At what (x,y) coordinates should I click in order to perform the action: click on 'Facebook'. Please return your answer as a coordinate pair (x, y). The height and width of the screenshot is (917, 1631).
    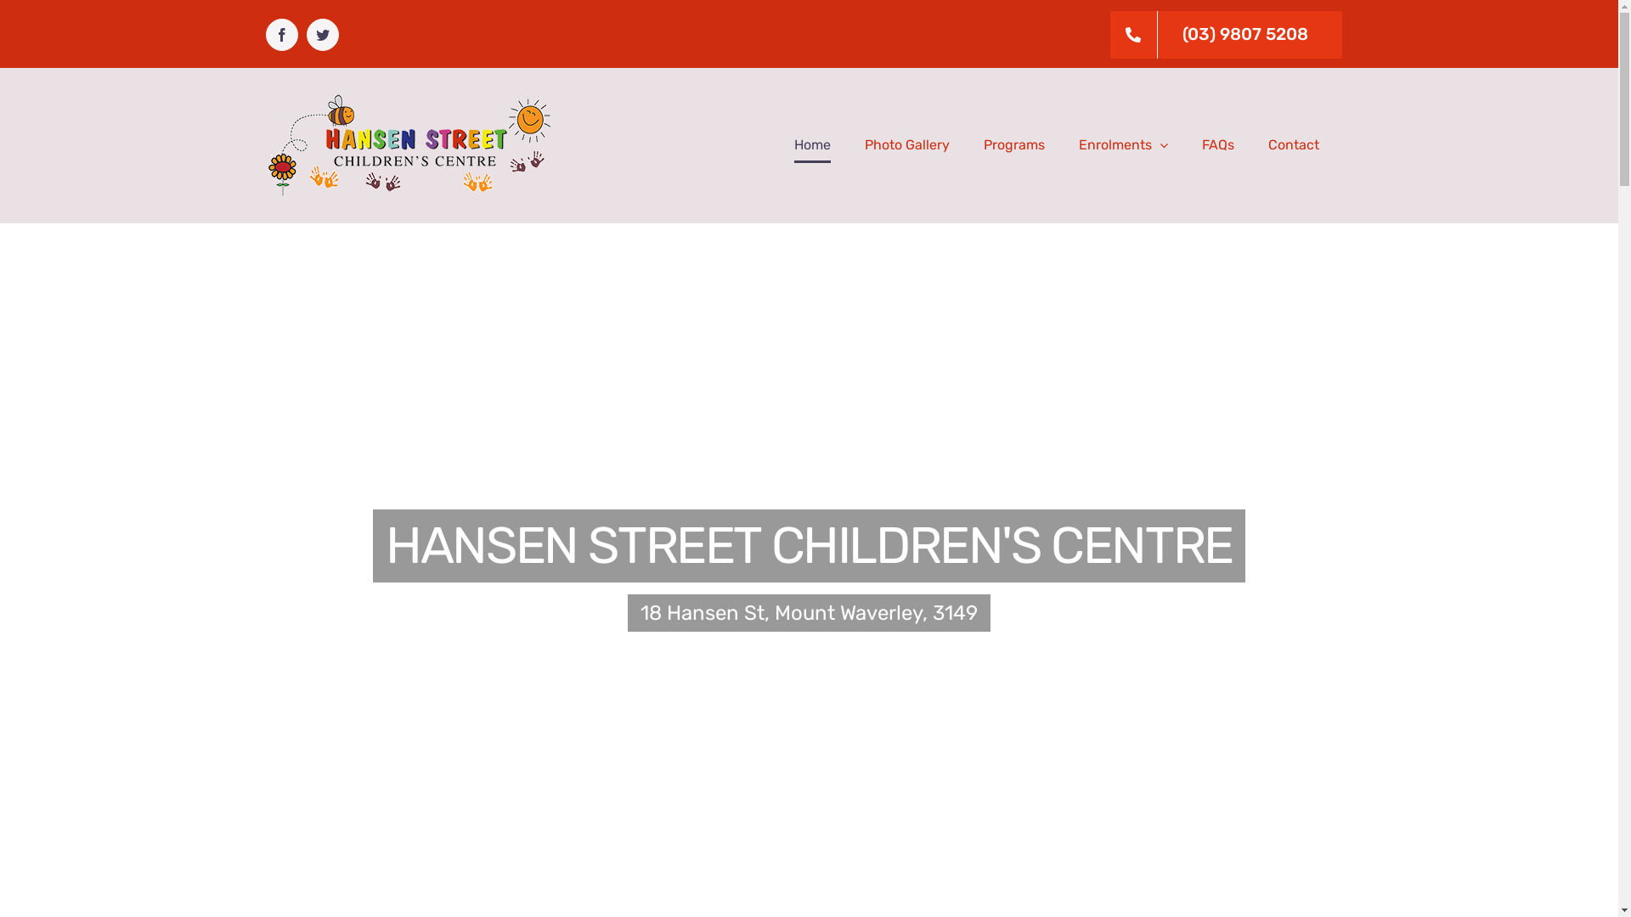
    Looking at the image, I should click on (264, 35).